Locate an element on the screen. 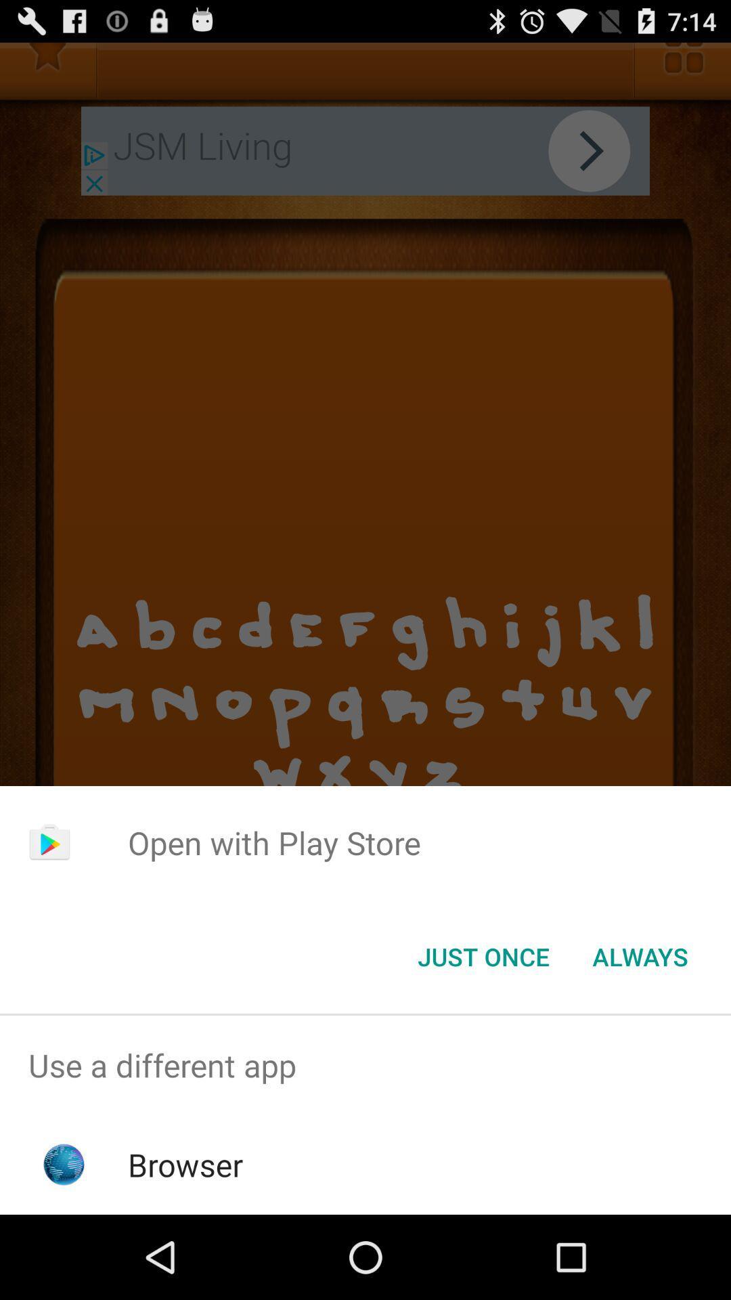 This screenshot has width=731, height=1300. the browser is located at coordinates (185, 1164).